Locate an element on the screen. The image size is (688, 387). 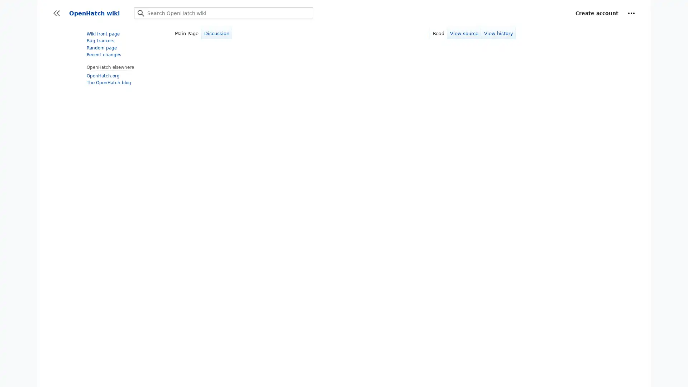
Toggle sidebar is located at coordinates (56, 13).